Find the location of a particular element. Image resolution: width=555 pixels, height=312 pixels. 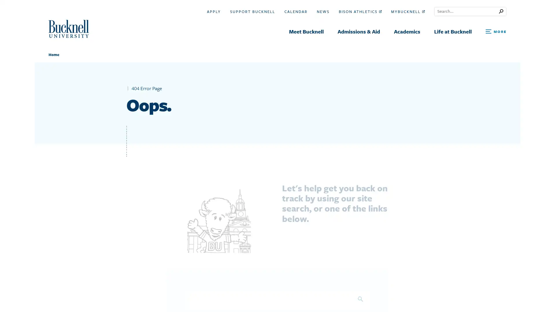

Search is located at coordinates (360, 304).